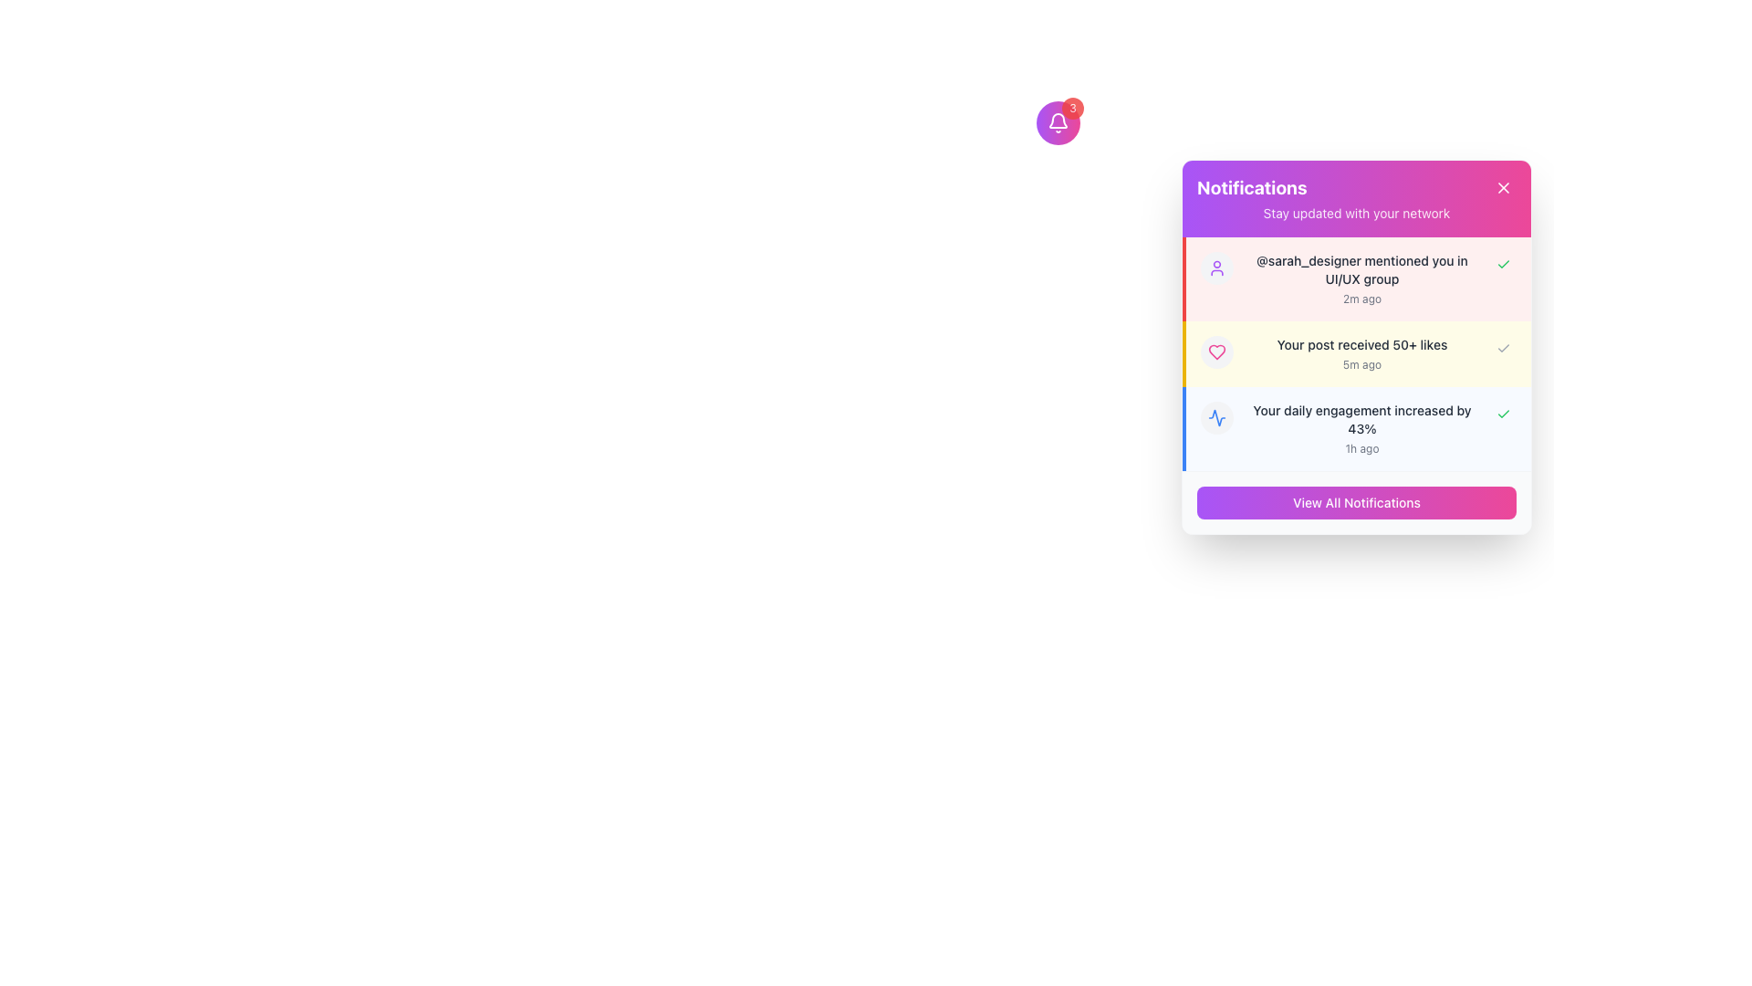  Describe the element at coordinates (1072, 109) in the screenshot. I see `the notification count displayed on the notification badge located at the top-right corner of the bell icon button` at that location.